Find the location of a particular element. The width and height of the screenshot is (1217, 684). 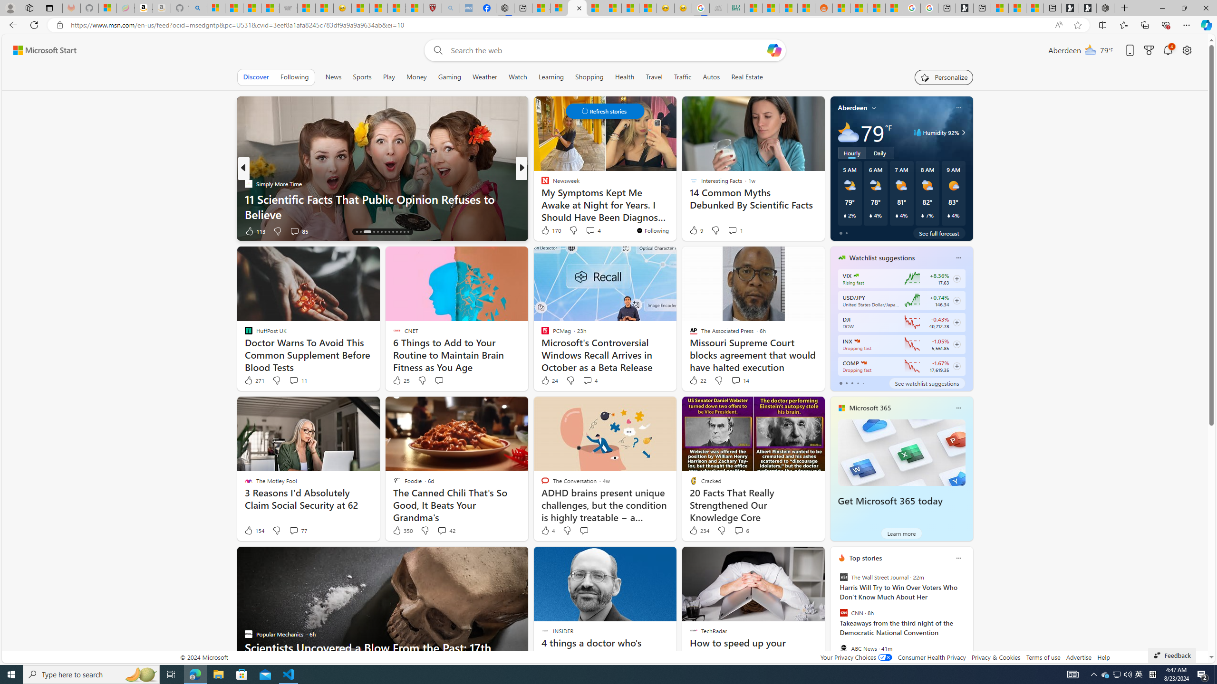

'Fitness - MSN' is located at coordinates (612, 8).